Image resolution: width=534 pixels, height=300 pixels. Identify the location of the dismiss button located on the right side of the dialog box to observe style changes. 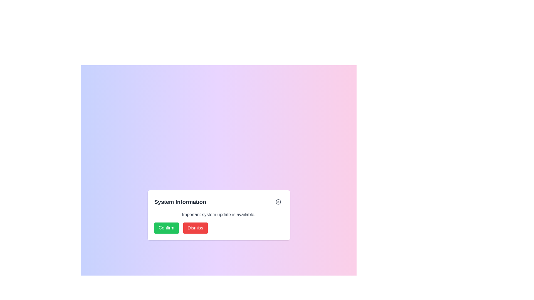
(195, 228).